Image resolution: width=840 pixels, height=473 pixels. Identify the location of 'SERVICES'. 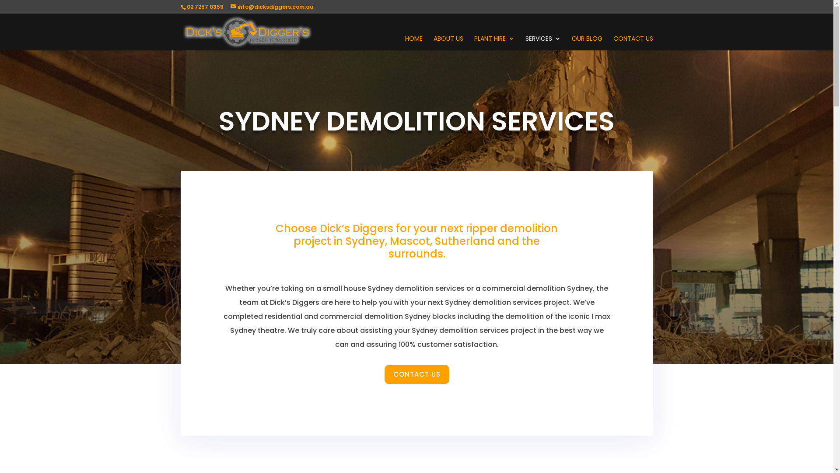
(525, 42).